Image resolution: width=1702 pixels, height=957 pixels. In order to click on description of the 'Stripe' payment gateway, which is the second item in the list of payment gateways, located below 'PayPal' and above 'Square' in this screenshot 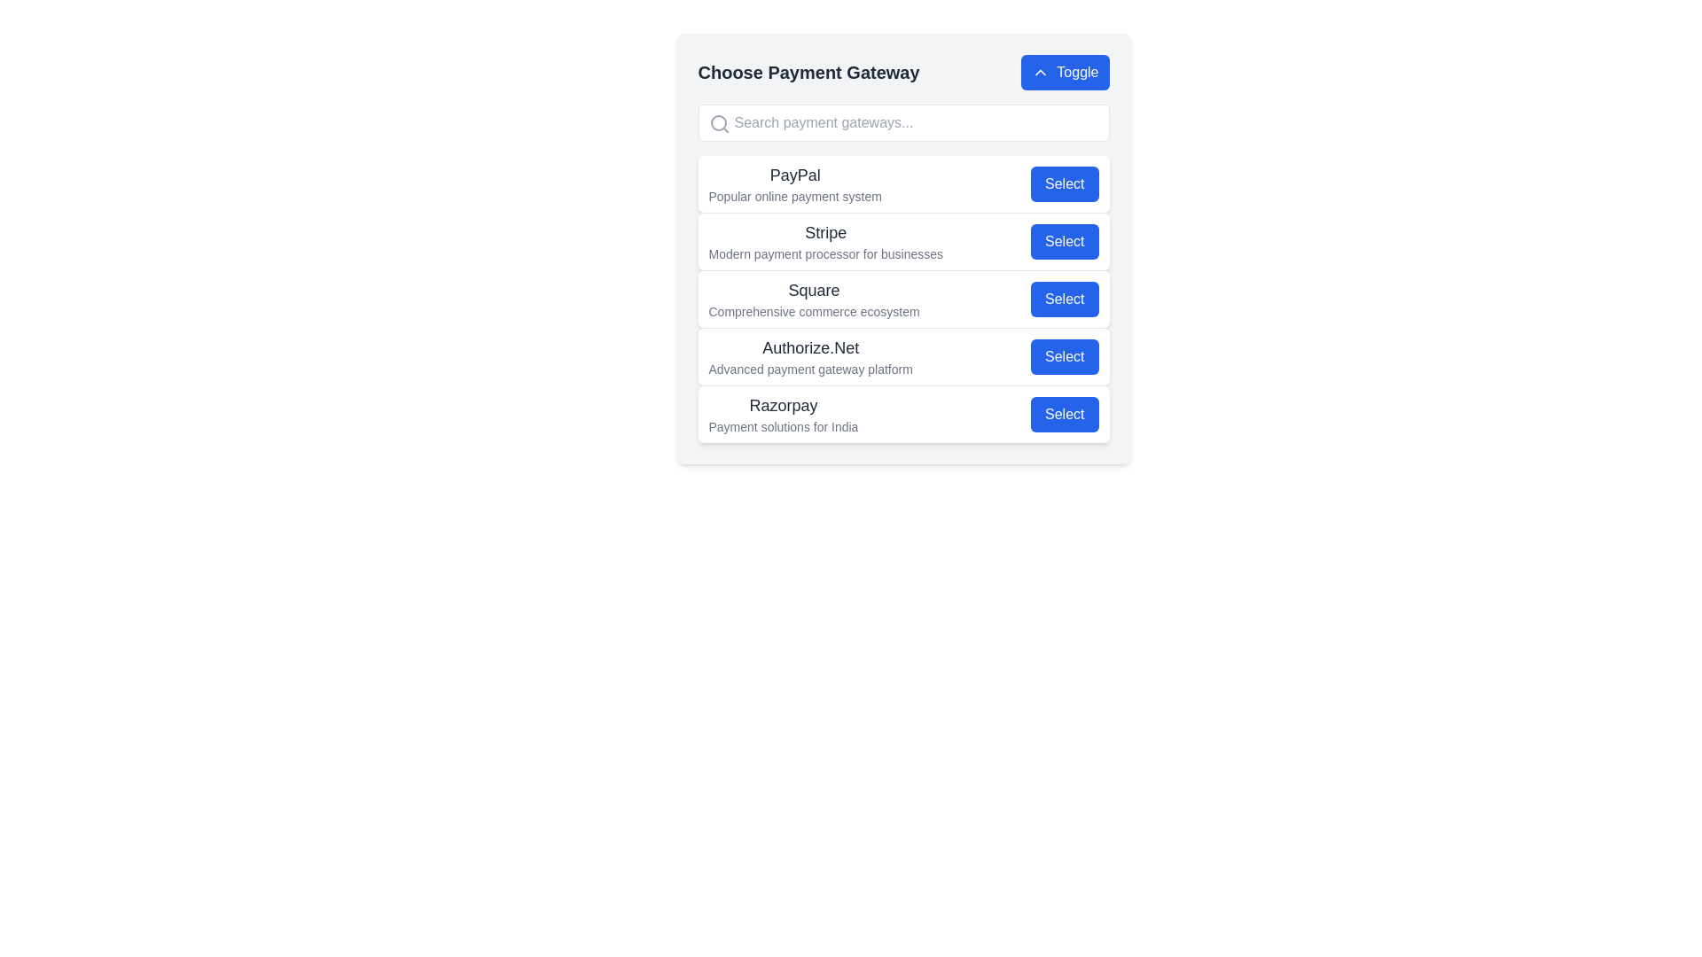, I will do `click(903, 241)`.